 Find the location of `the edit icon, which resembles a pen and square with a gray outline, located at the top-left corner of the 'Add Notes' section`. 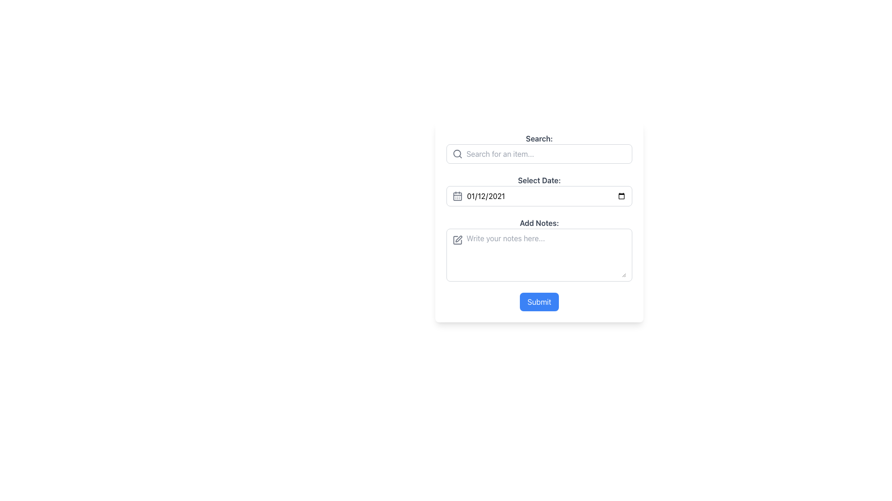

the edit icon, which resembles a pen and square with a gray outline, located at the top-left corner of the 'Add Notes' section is located at coordinates (457, 239).